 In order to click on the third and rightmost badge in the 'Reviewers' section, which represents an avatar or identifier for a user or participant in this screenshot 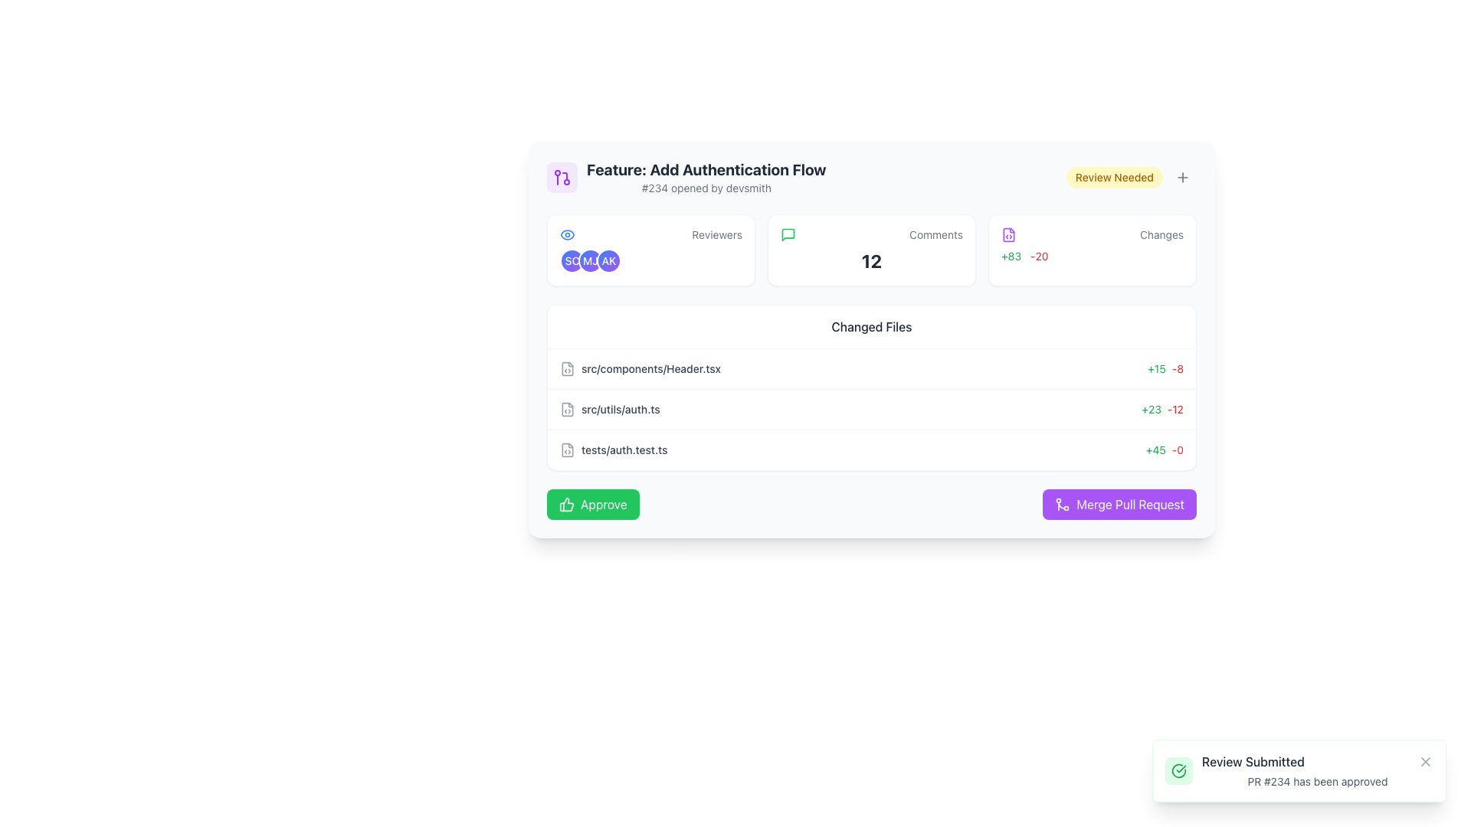, I will do `click(608, 260)`.